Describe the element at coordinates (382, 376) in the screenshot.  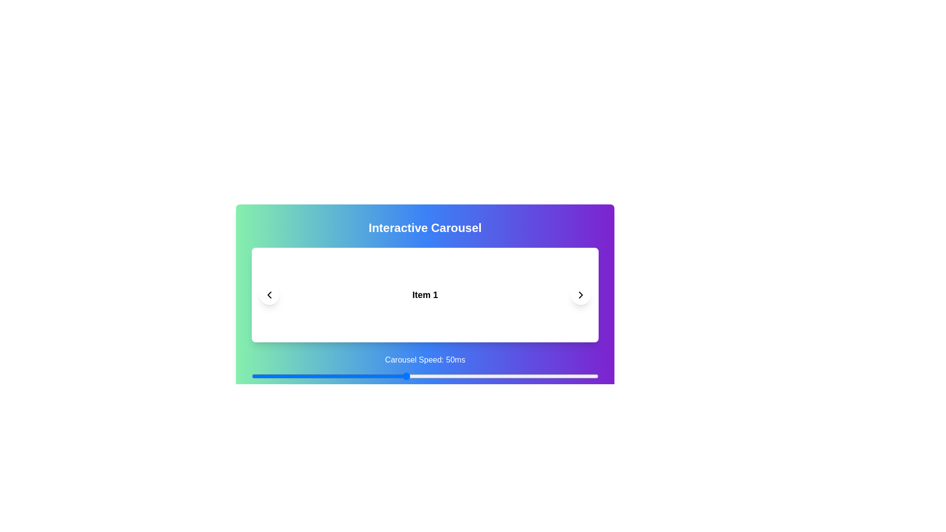
I see `the carousel speed to 44 ms using the slider` at that location.